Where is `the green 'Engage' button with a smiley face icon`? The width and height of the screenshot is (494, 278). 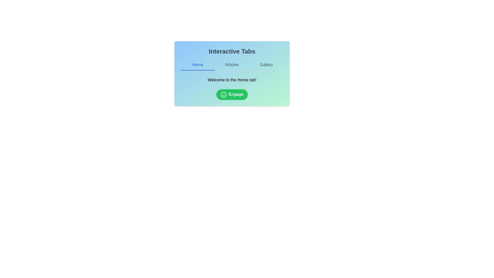
the green 'Engage' button with a smiley face icon is located at coordinates (232, 94).